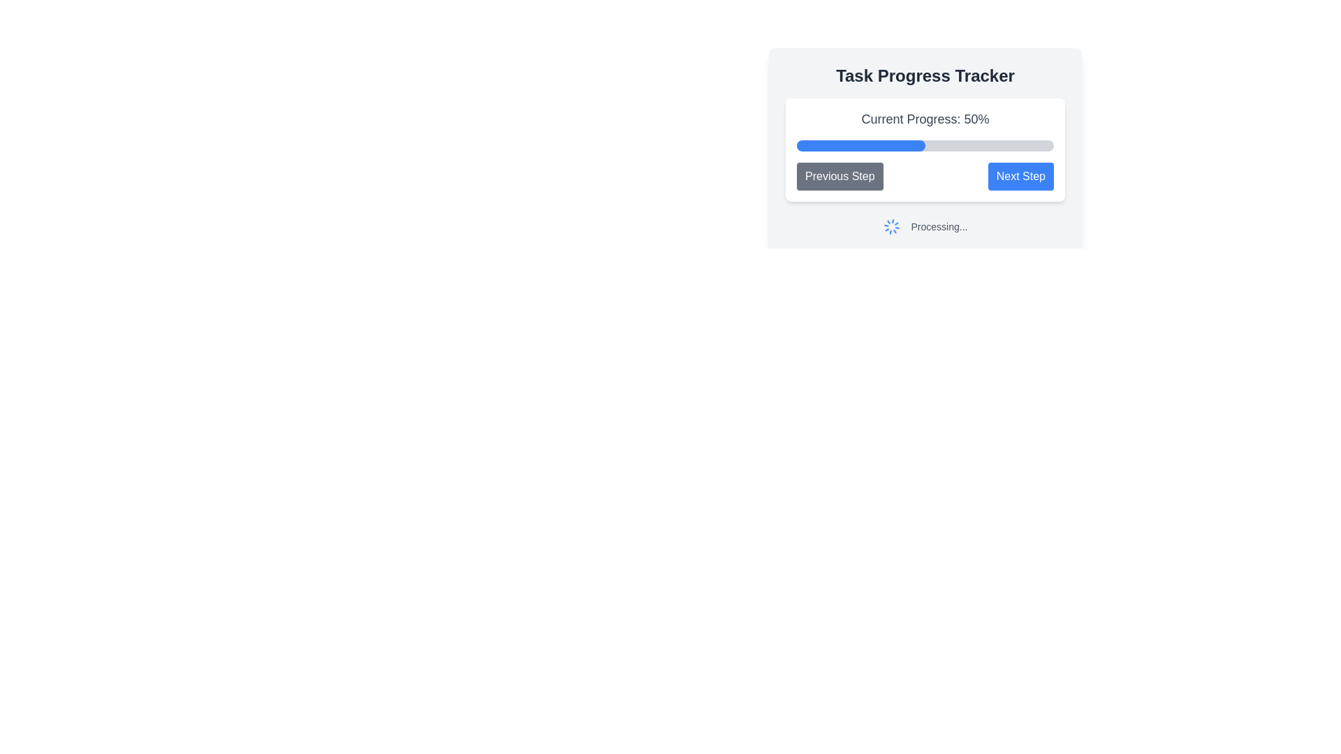 The image size is (1341, 754). What do you see at coordinates (925, 226) in the screenshot?
I see `the Loading Indicator with Descriptive Text located within the 'Task Progress Tracker' interface, positioned below the progress tracker and buttons` at bounding box center [925, 226].